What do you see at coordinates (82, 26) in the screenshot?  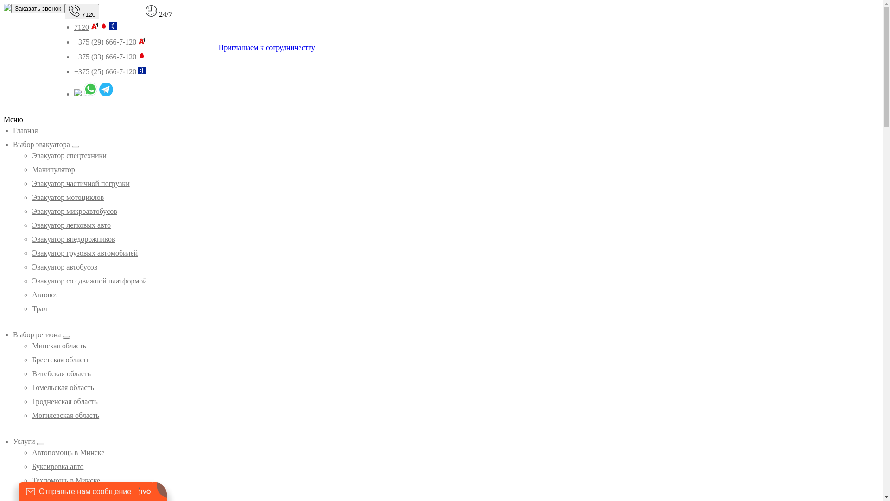 I see `'7120'` at bounding box center [82, 26].